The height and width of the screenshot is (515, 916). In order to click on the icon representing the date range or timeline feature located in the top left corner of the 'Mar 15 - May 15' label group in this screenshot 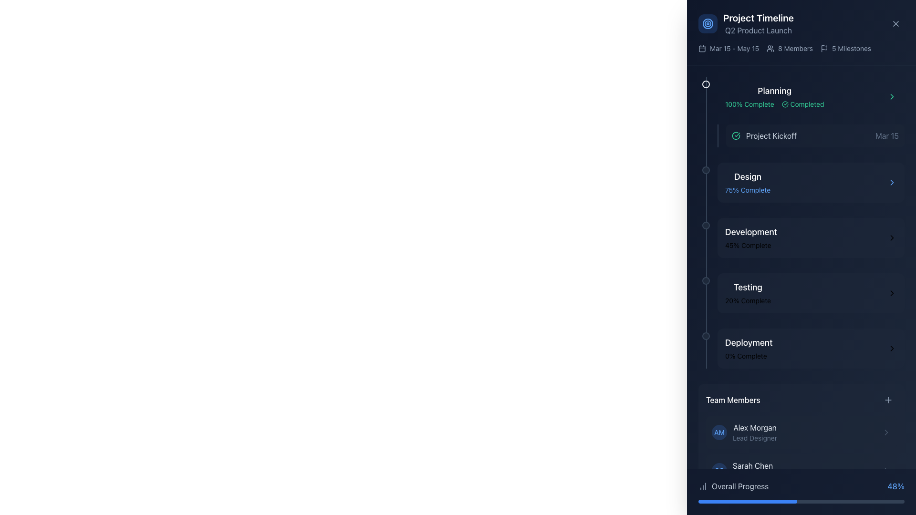, I will do `click(702, 48)`.